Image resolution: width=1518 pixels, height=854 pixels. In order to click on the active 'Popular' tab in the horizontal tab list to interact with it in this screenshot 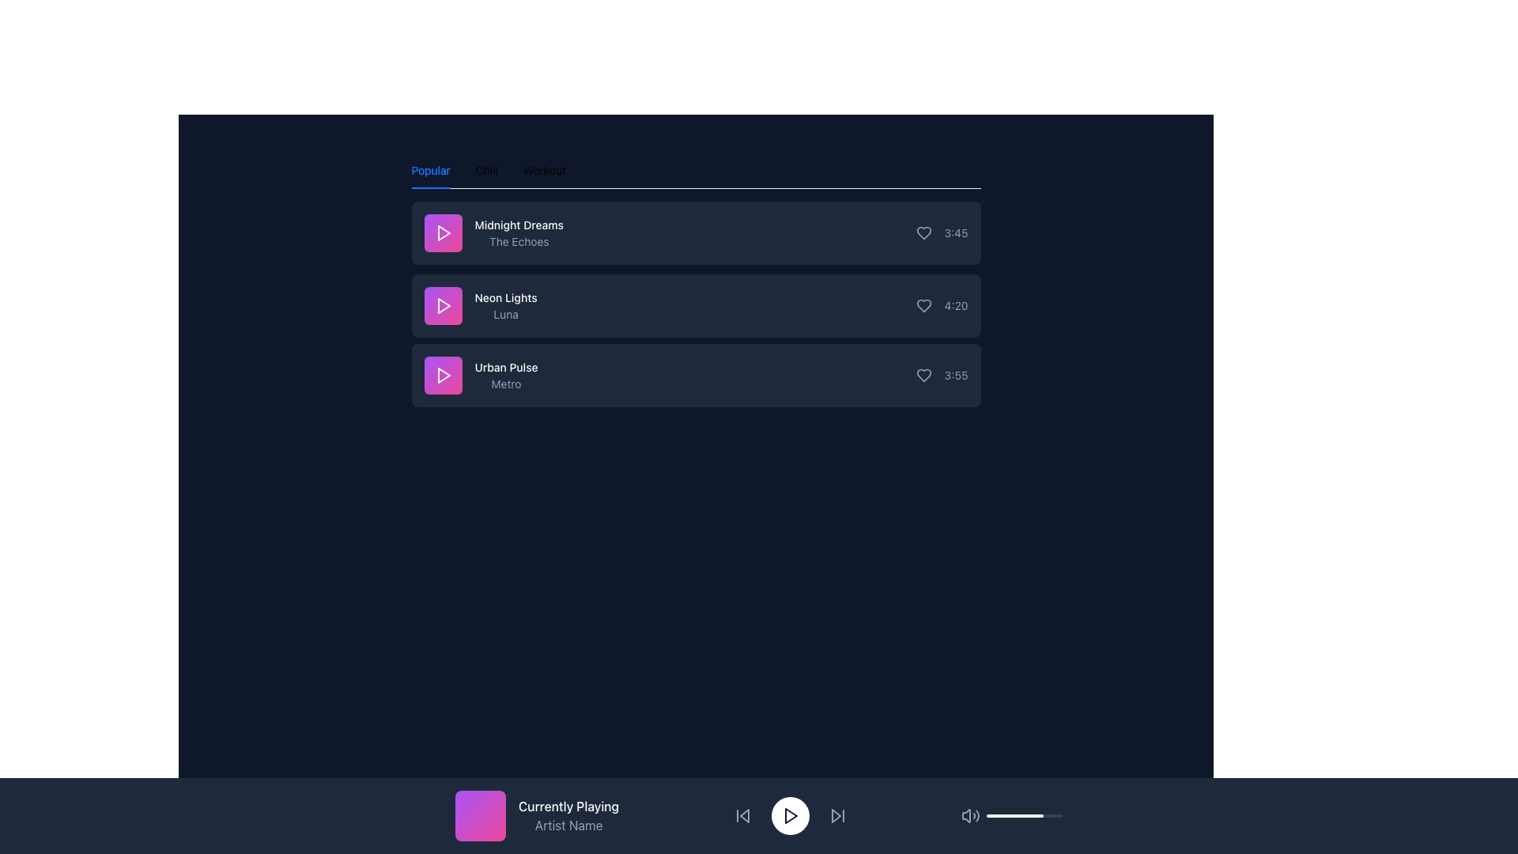, I will do `click(696, 171)`.